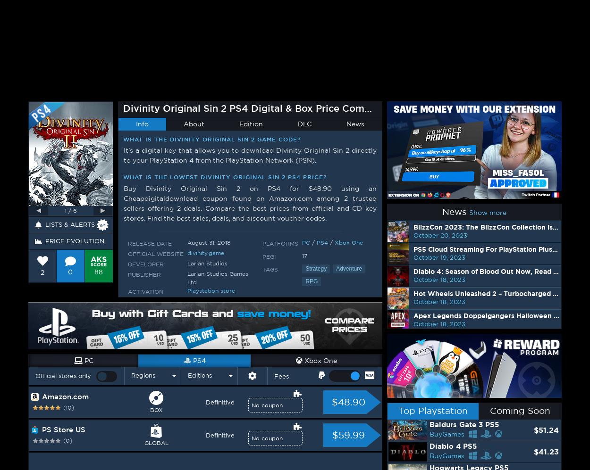  Describe the element at coordinates (545, 281) in the screenshot. I see `'$69.99'` at that location.